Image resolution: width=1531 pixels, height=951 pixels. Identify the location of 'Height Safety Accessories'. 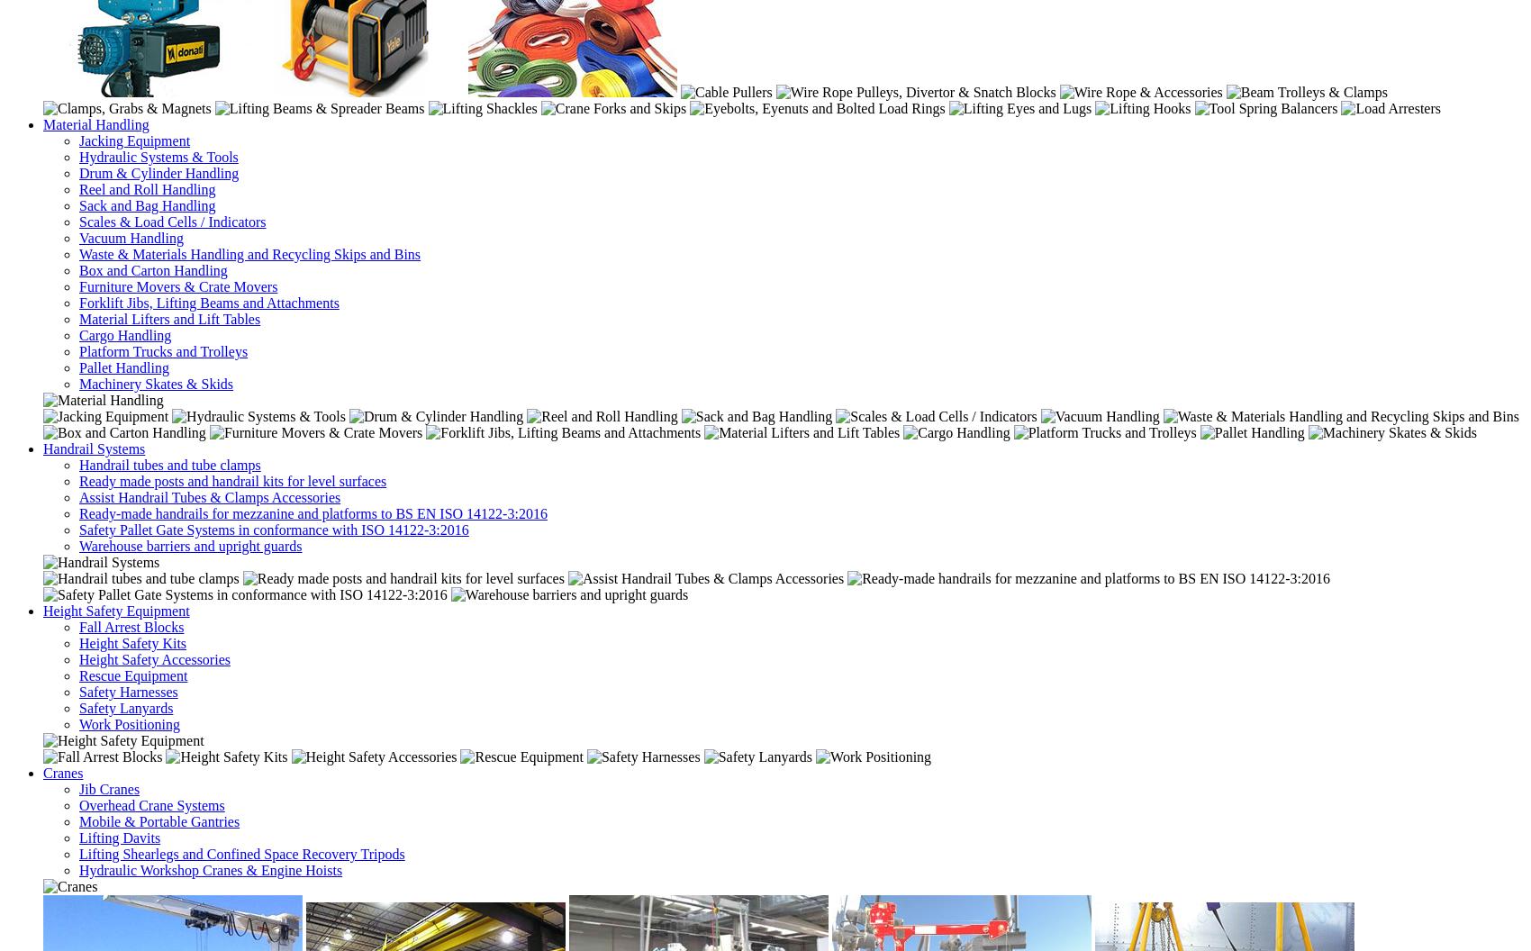
(153, 657).